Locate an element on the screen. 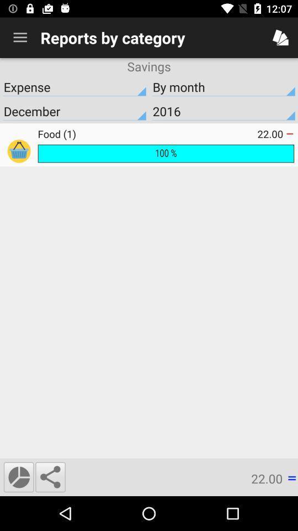 This screenshot has width=298, height=531. the icon above savings is located at coordinates (20, 38).